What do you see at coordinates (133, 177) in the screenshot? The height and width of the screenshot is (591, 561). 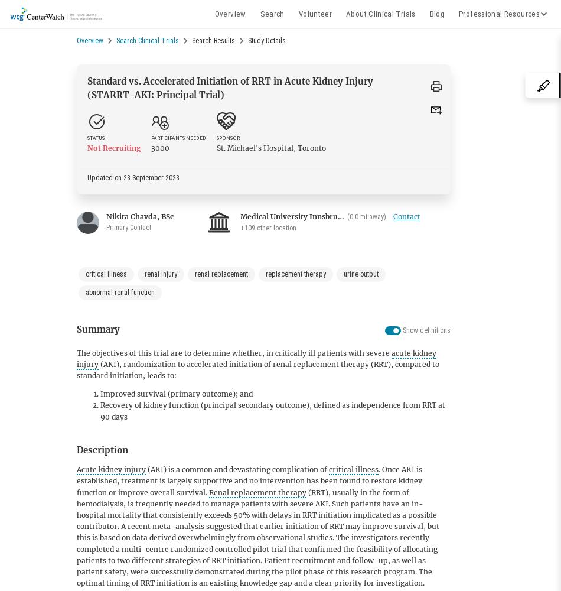 I see `'Updated on 23 September 2023'` at bounding box center [133, 177].